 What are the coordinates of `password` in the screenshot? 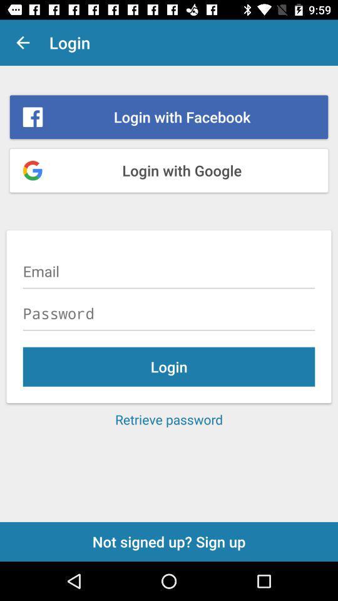 It's located at (169, 312).